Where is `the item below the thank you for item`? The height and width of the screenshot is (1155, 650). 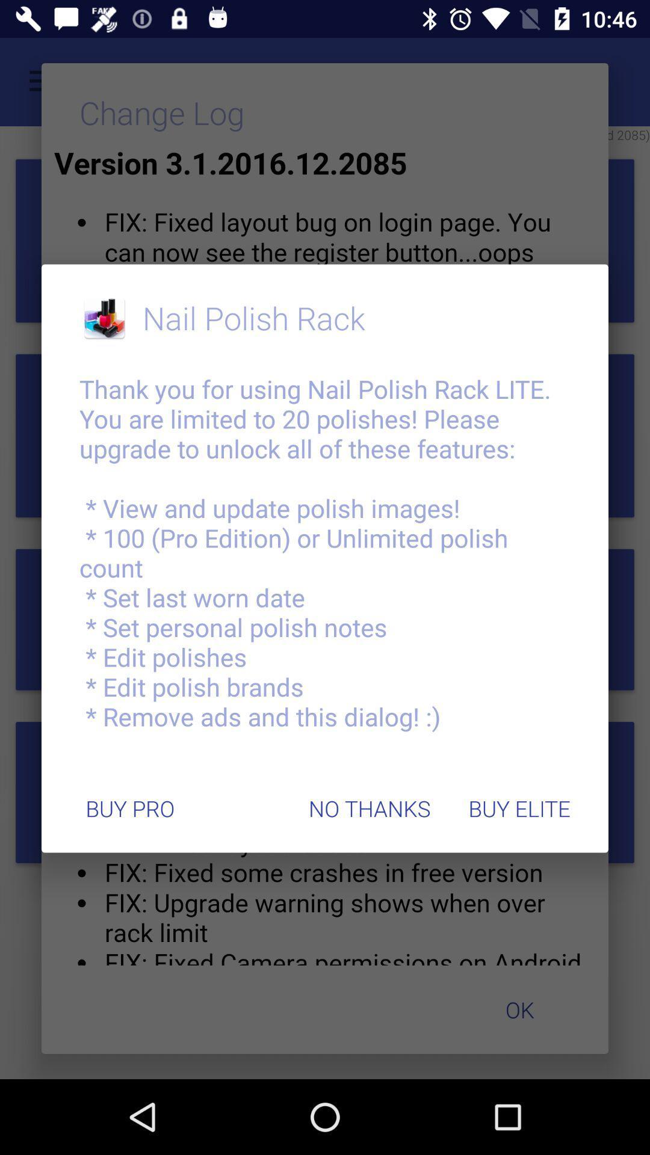 the item below the thank you for item is located at coordinates (519, 808).